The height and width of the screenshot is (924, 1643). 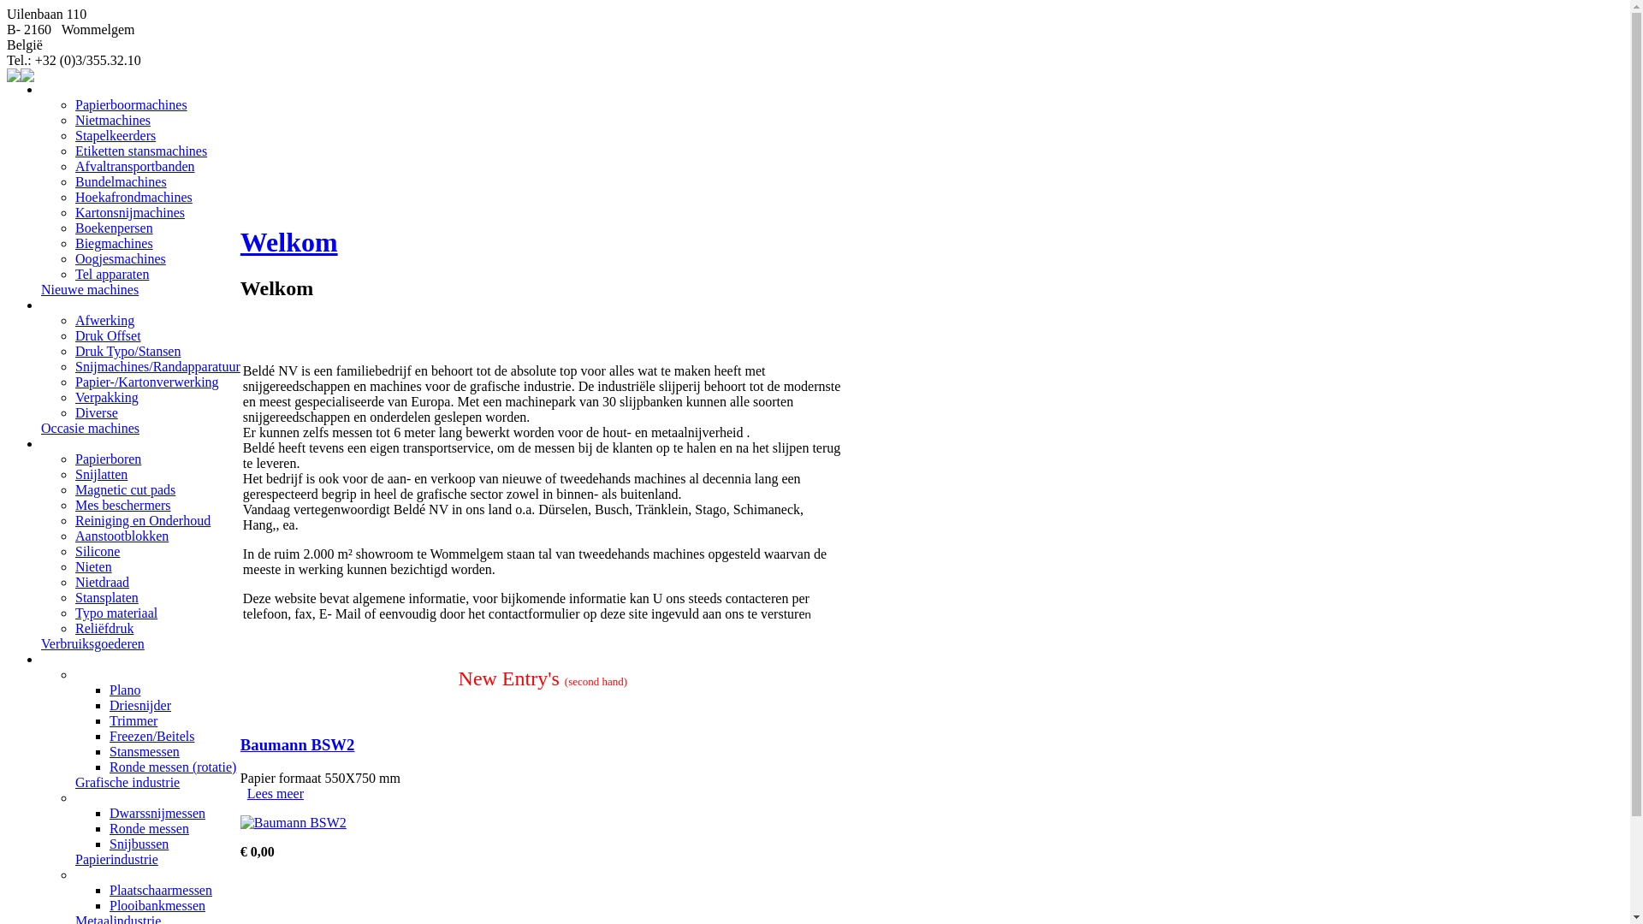 What do you see at coordinates (147, 381) in the screenshot?
I see `'Papier-/Kartonverwerking'` at bounding box center [147, 381].